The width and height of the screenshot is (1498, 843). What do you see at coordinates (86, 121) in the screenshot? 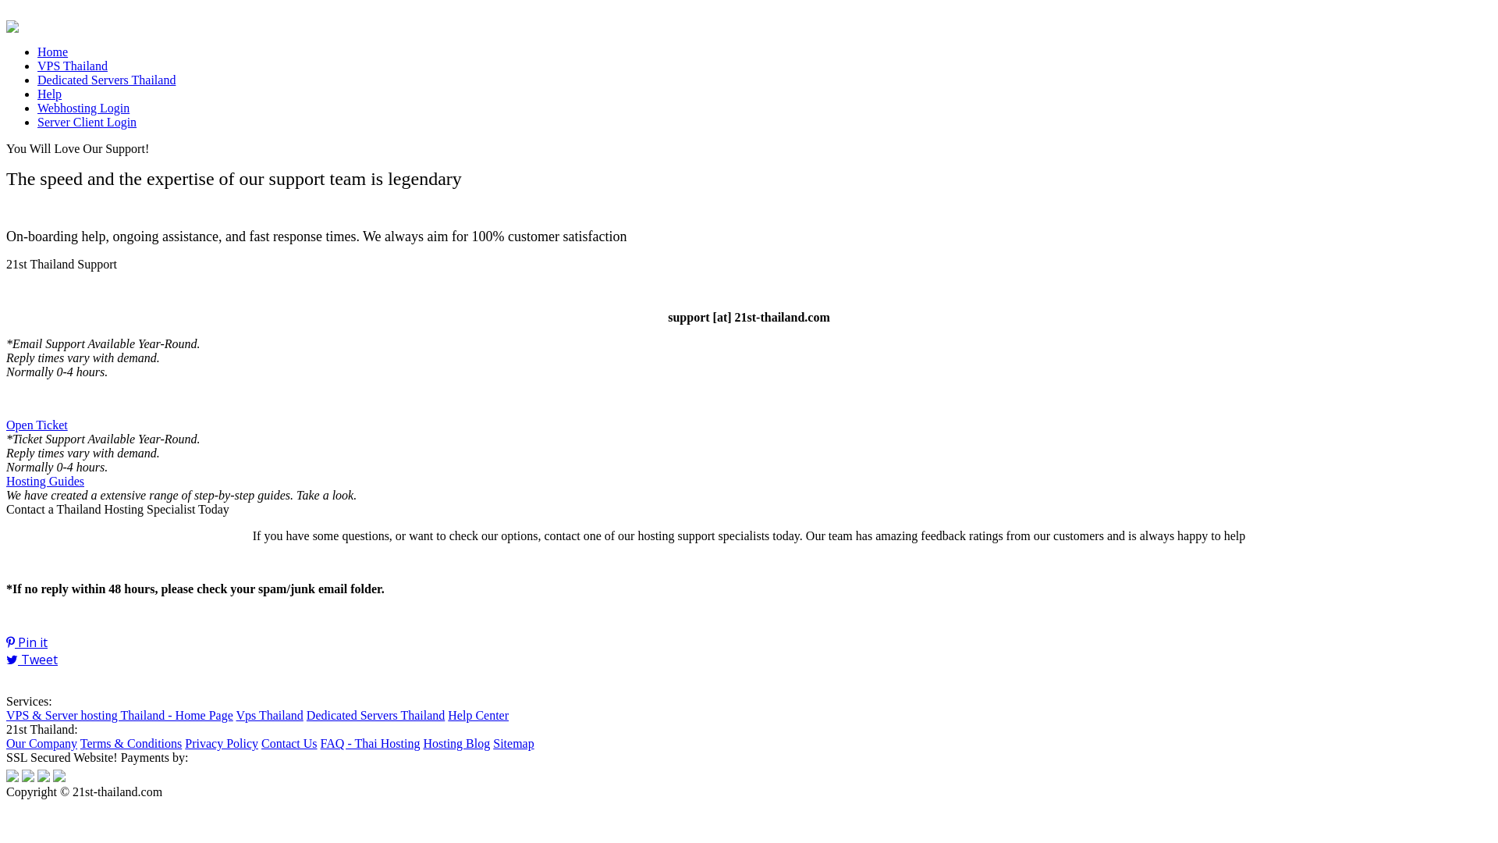
I see `'Server Client Login'` at bounding box center [86, 121].